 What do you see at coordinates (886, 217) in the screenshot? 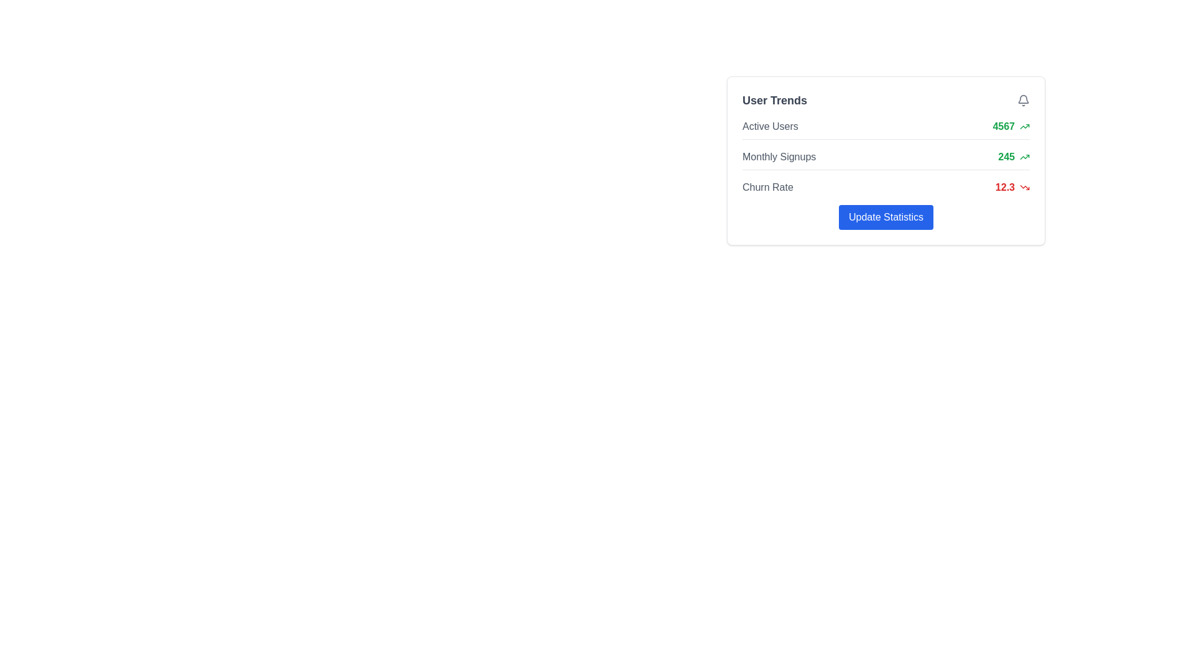
I see `the primary action button located at the bottom of the 'User Trends' card to refresh or recalculate the statistical data` at bounding box center [886, 217].